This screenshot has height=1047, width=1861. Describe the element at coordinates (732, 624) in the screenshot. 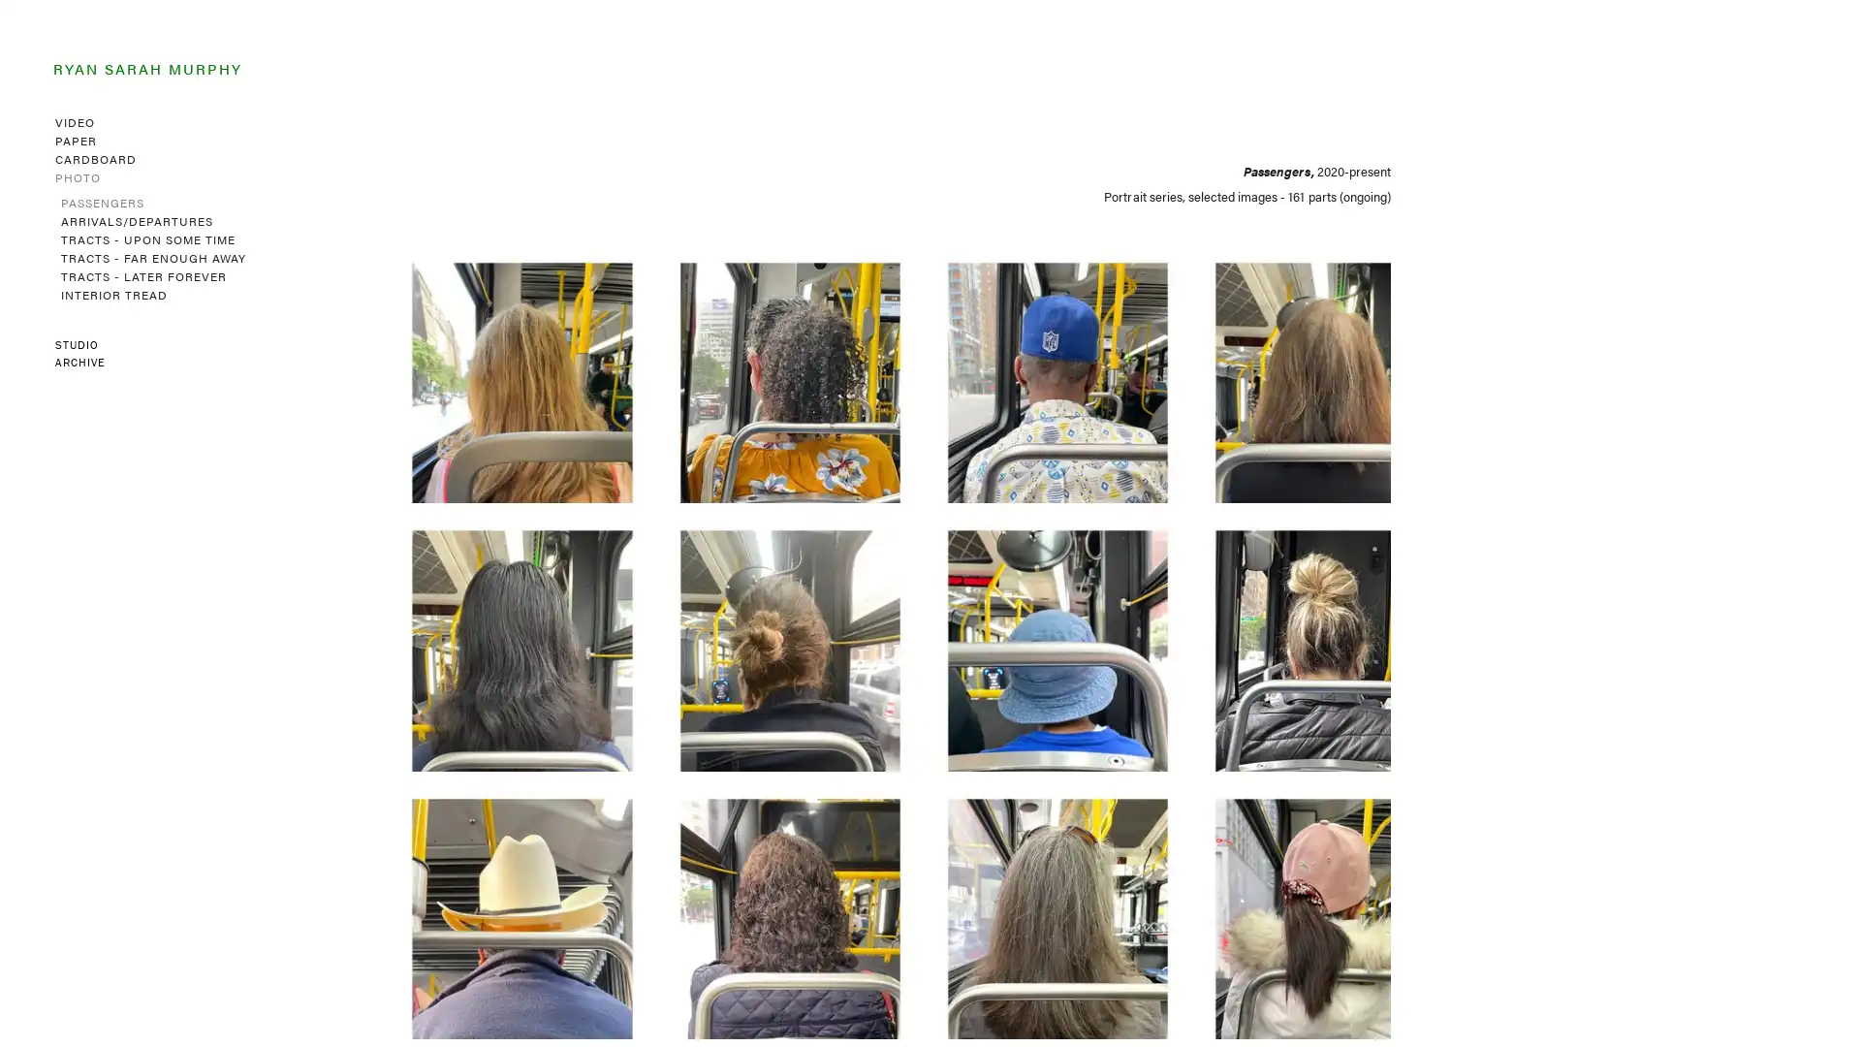

I see `View fullsize Passenger 156-.jpeg` at that location.